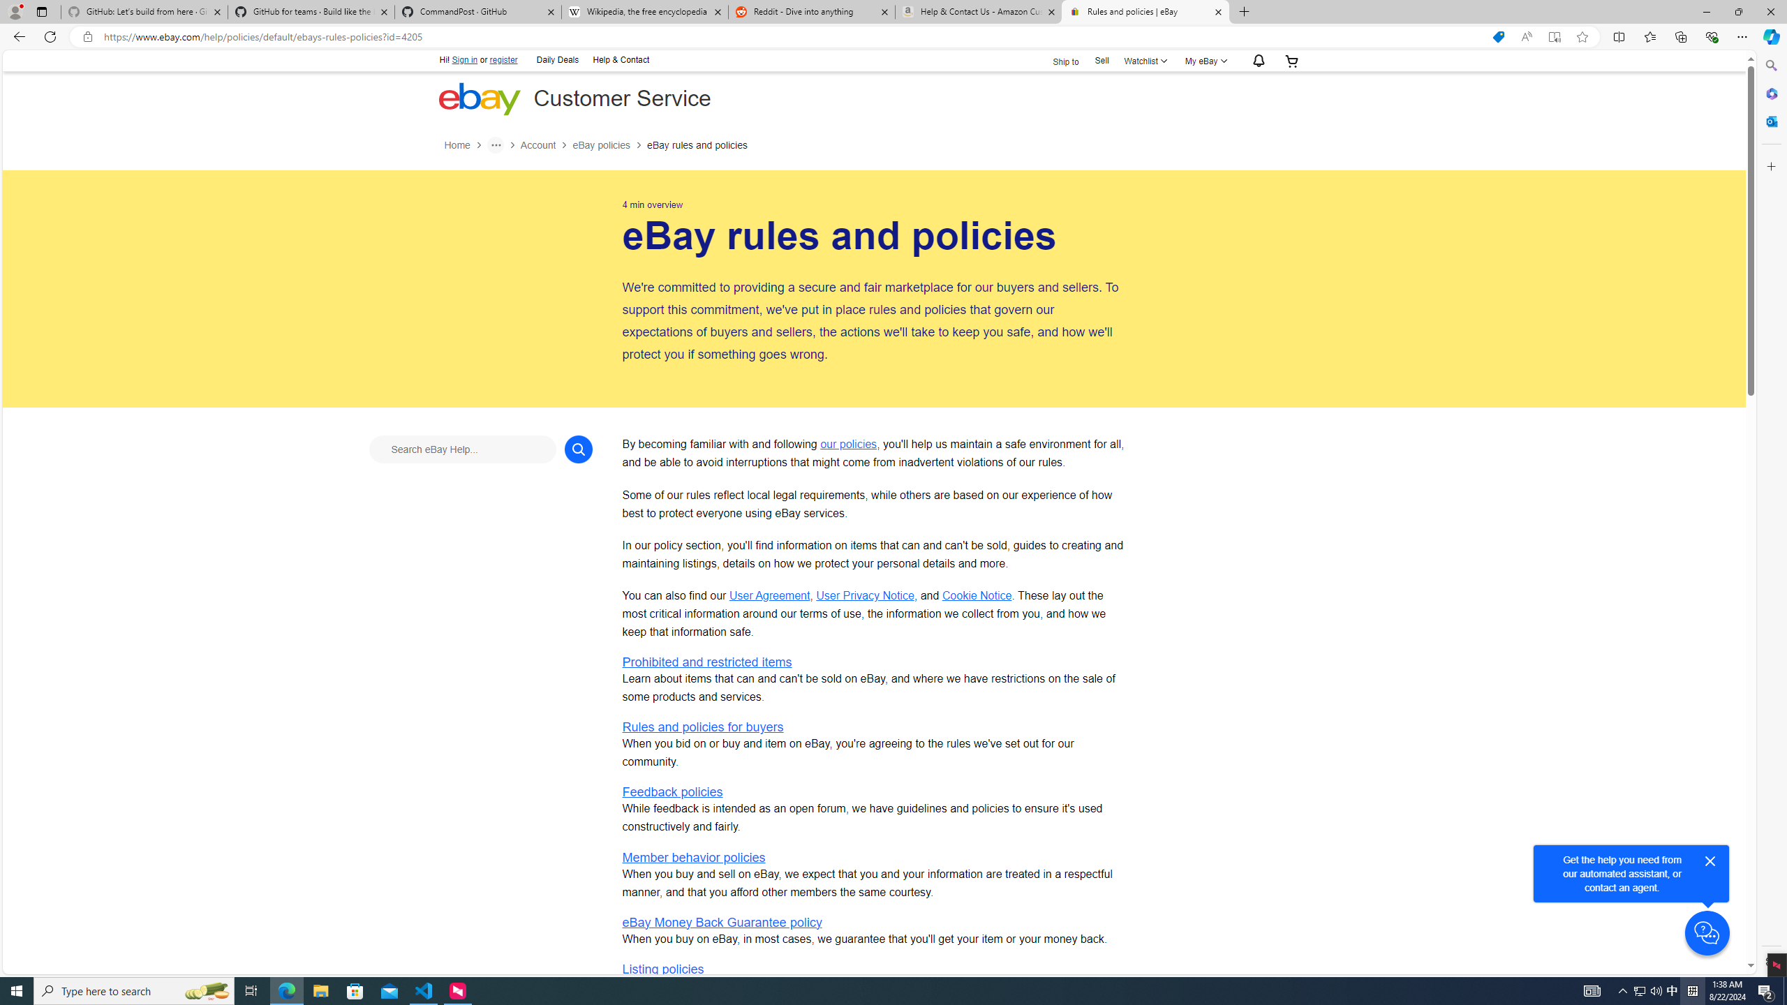  I want to click on 'Rules and policies | eBay', so click(1144, 11).